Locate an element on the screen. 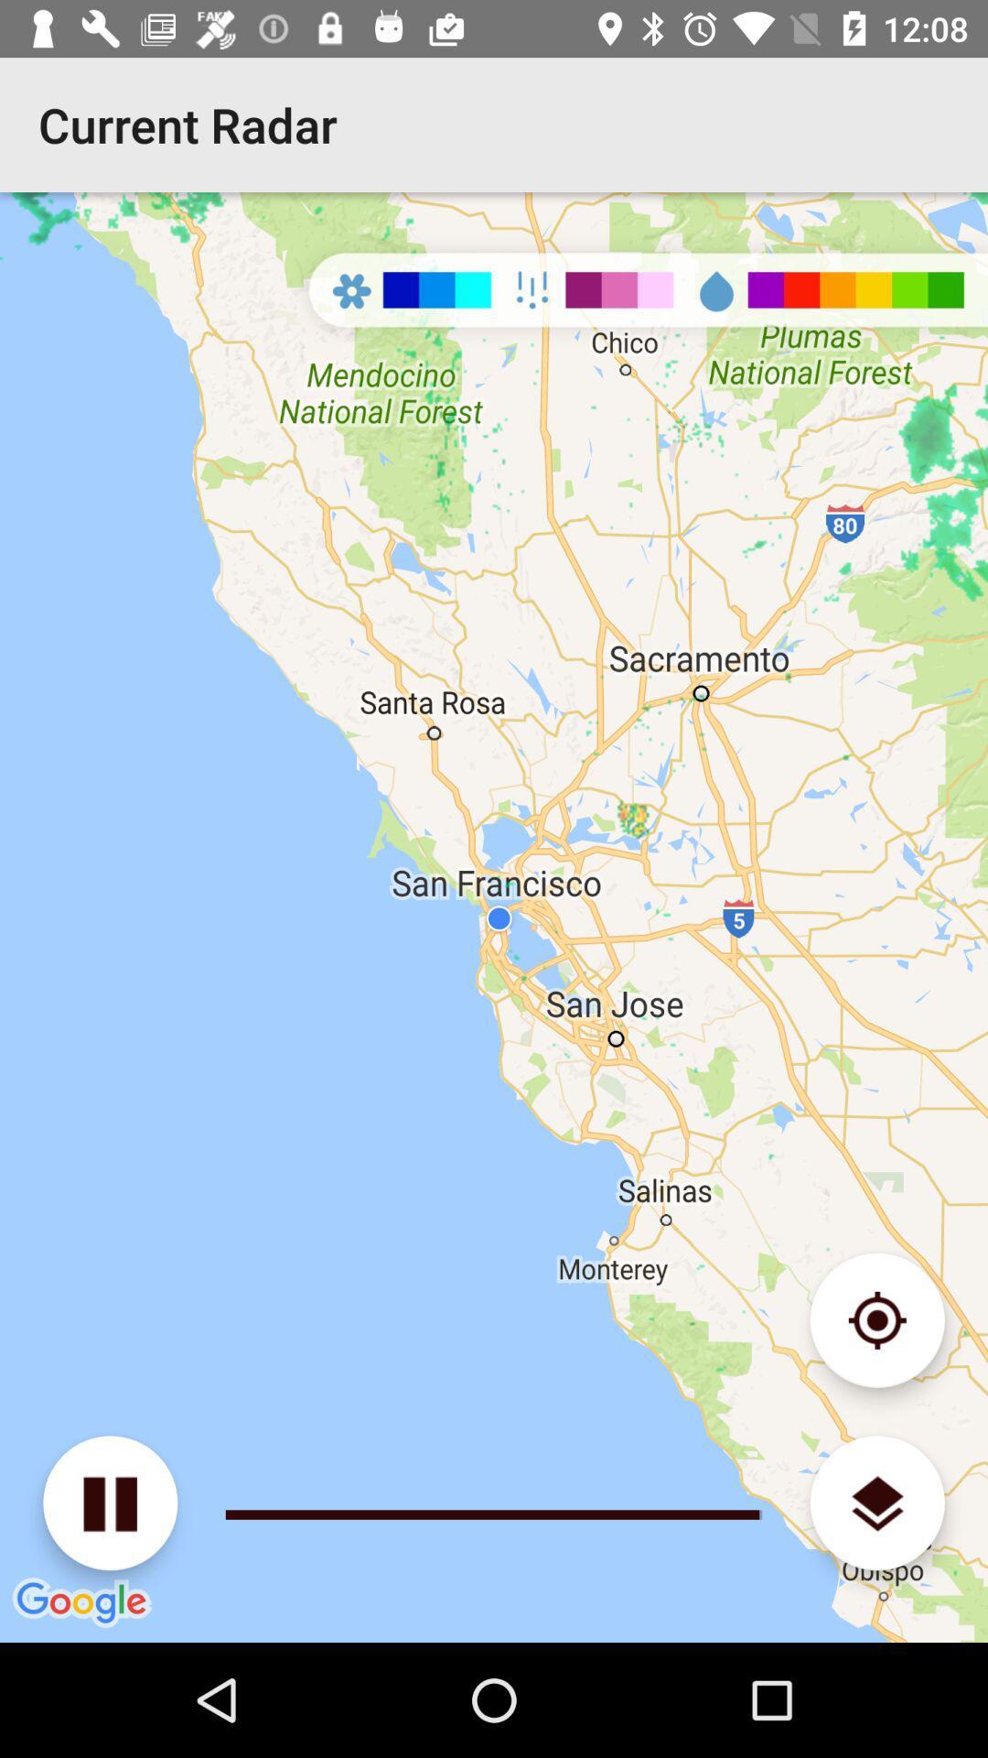  the pause icon is located at coordinates (110, 1503).